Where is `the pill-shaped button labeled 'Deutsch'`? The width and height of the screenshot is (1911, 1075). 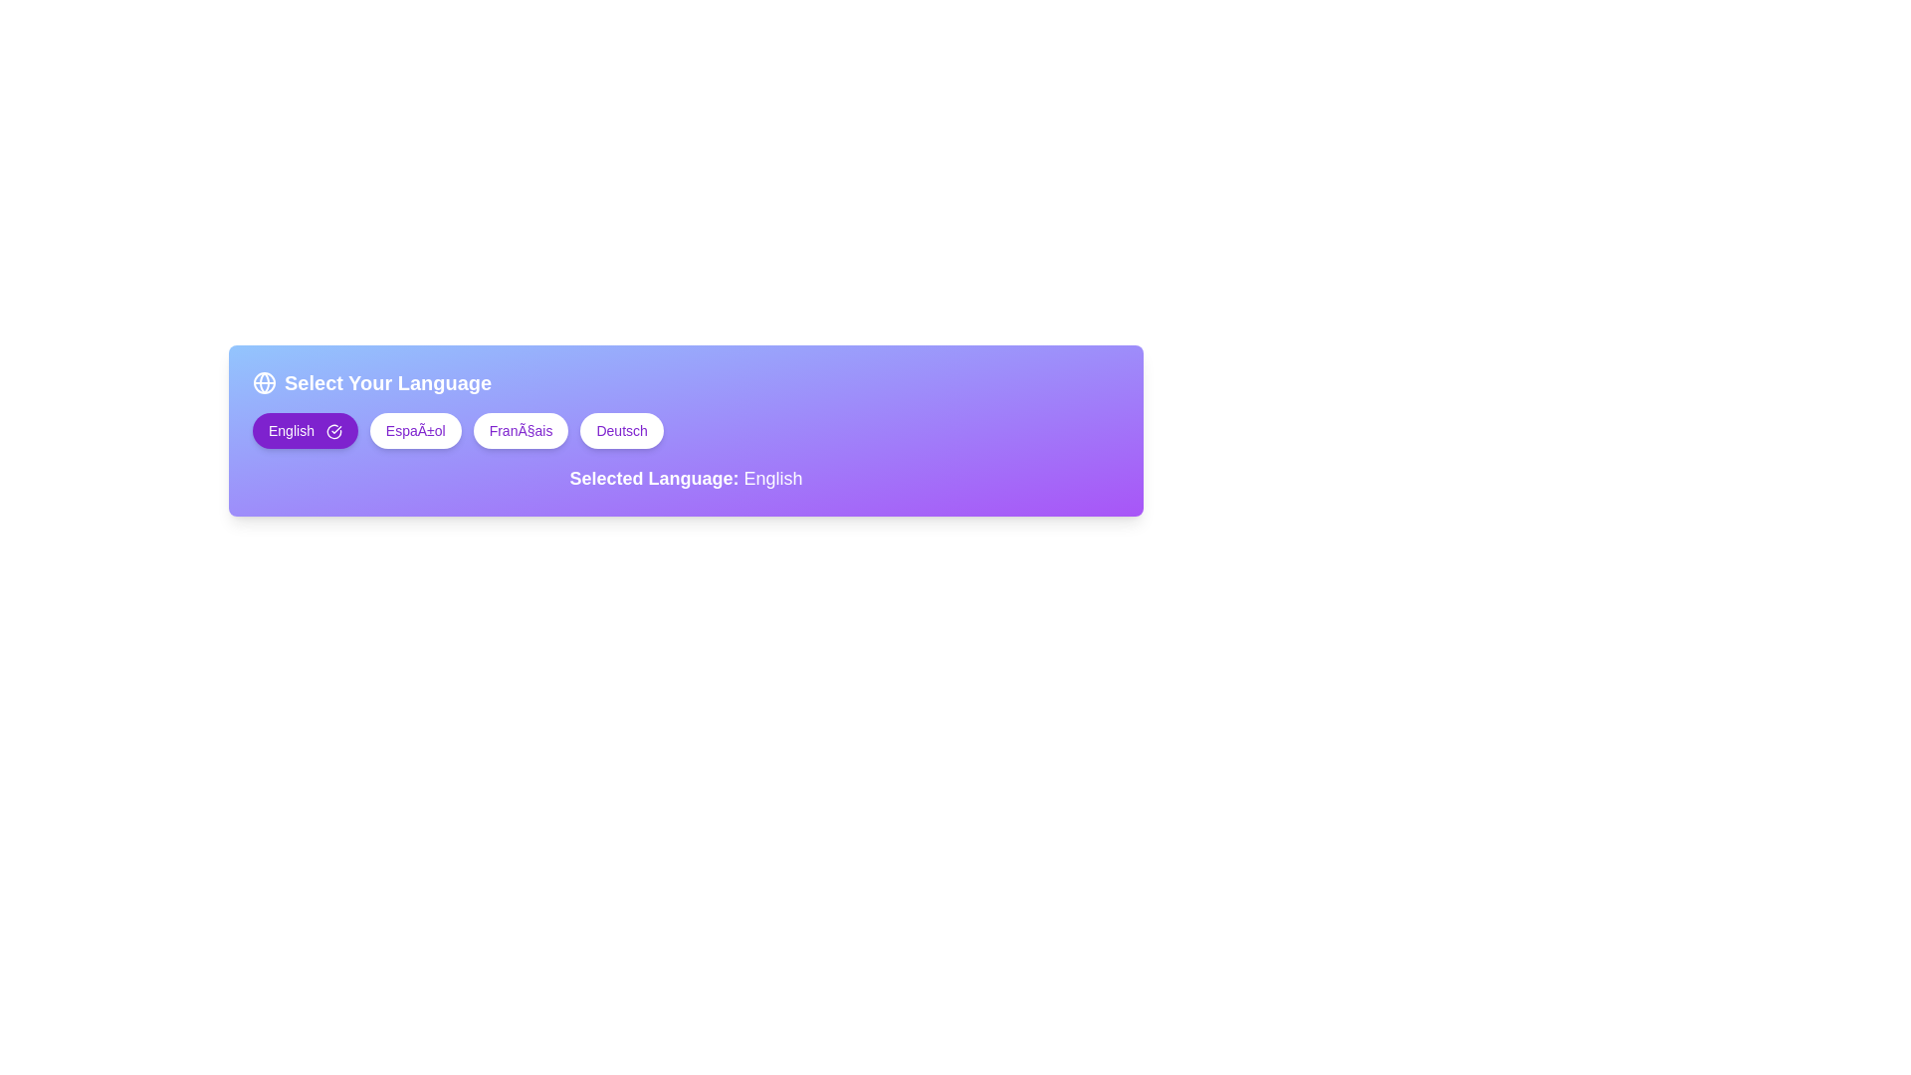
the pill-shaped button labeled 'Deutsch' is located at coordinates (621, 429).